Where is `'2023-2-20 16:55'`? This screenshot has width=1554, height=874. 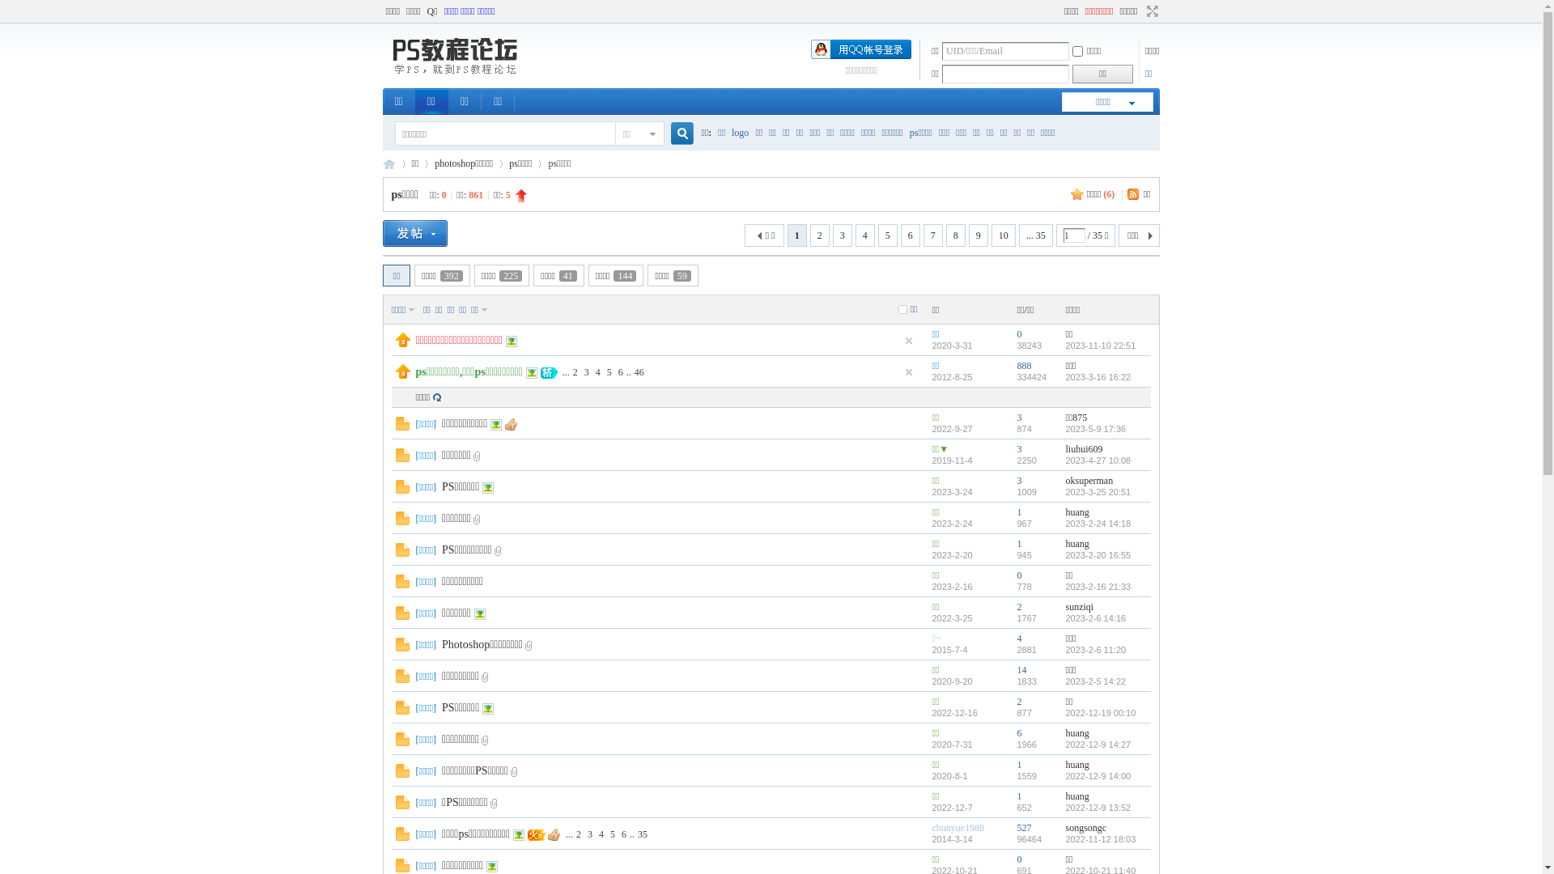 '2023-2-20 16:55' is located at coordinates (1098, 554).